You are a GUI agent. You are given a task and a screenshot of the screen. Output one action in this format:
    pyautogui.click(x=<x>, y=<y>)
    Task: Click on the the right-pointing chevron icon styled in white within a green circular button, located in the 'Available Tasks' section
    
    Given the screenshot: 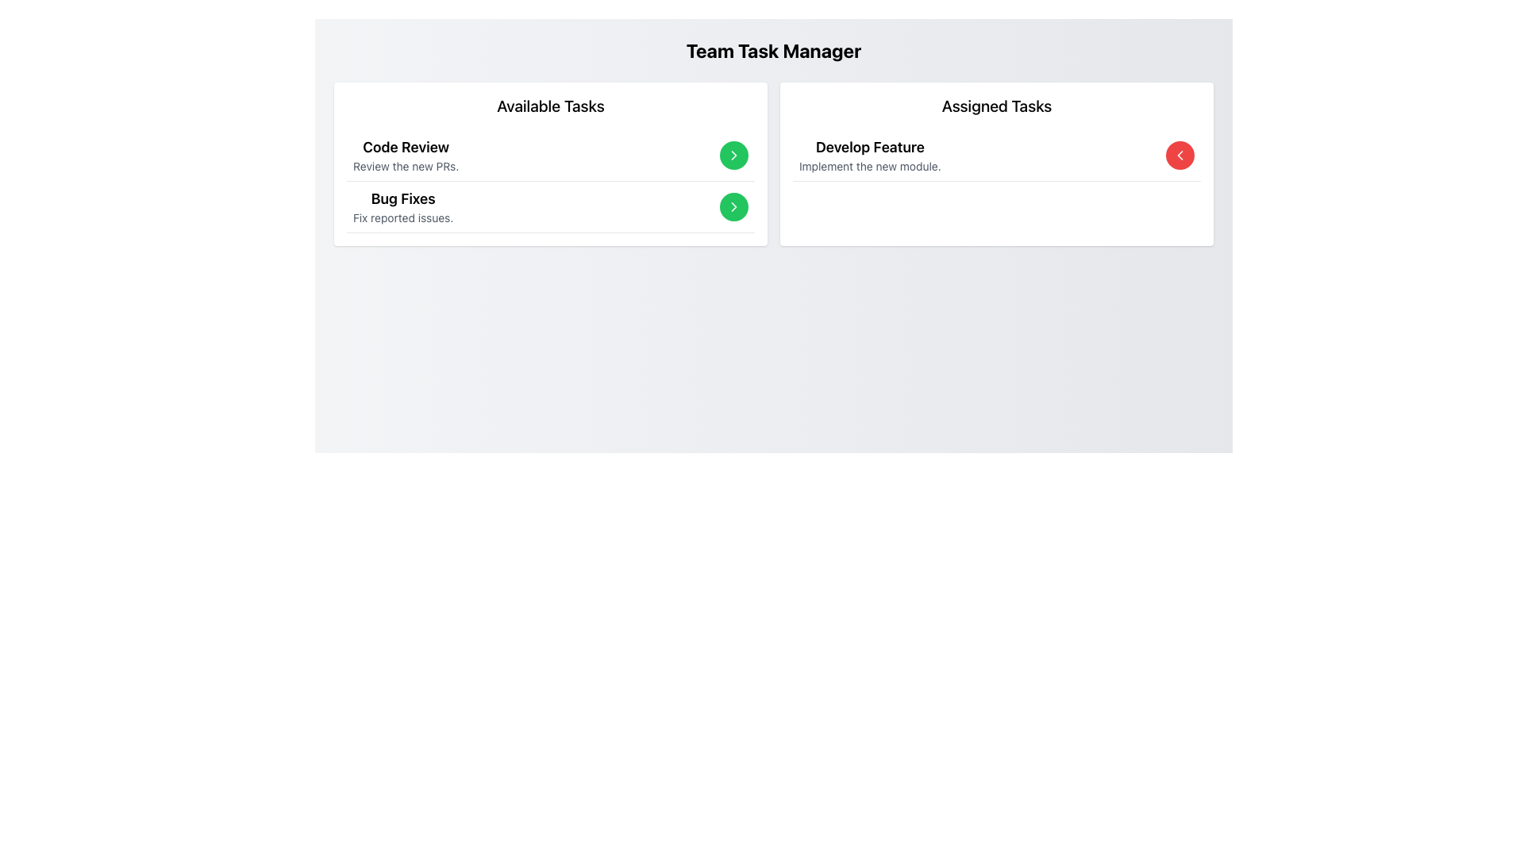 What is the action you would take?
    pyautogui.click(x=733, y=156)
    